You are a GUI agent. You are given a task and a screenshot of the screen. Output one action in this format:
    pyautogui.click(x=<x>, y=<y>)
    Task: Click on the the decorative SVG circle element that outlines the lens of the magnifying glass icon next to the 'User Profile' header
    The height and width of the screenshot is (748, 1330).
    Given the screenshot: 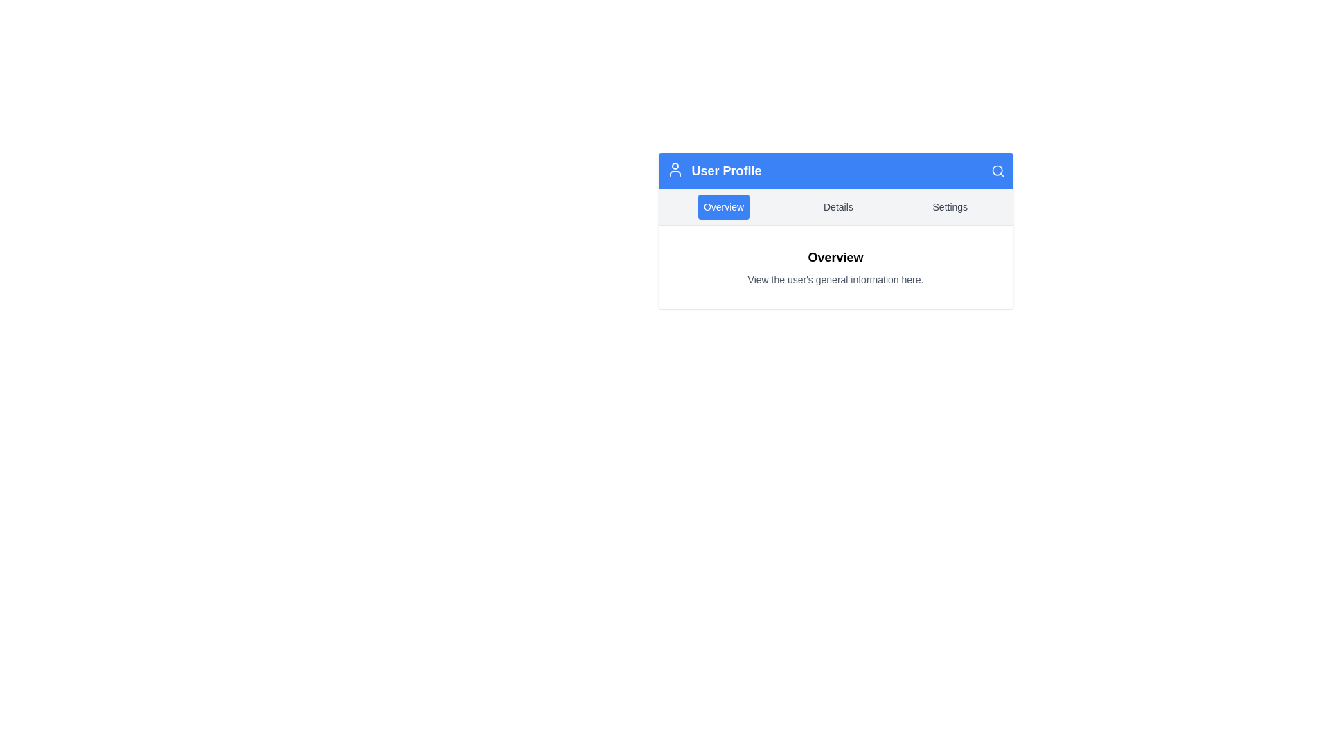 What is the action you would take?
    pyautogui.click(x=996, y=170)
    